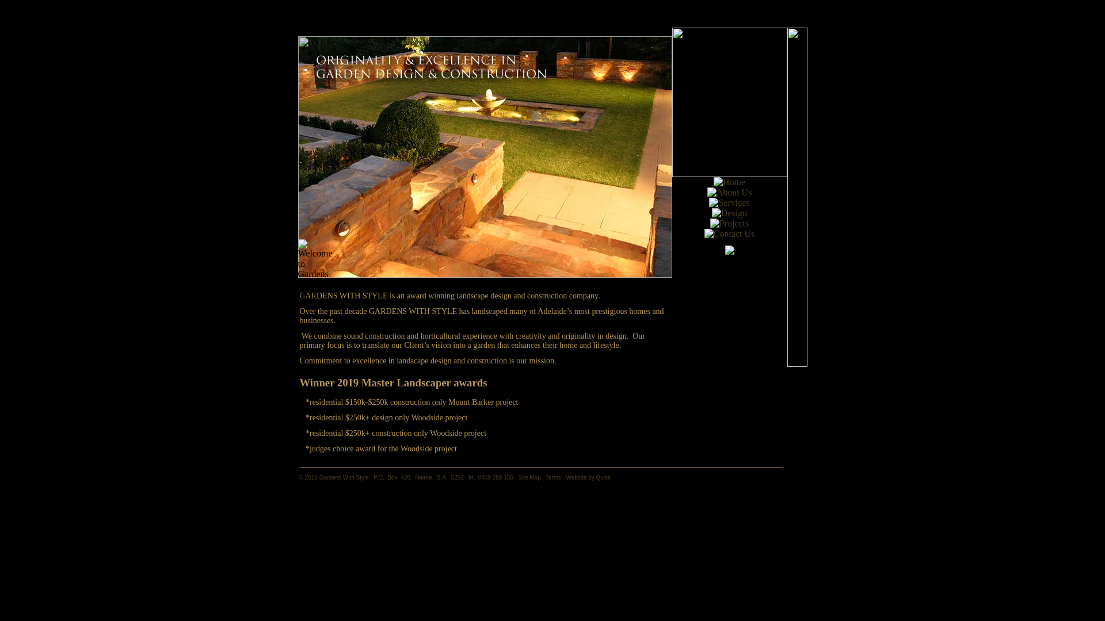 The image size is (1105, 621). I want to click on 'Site Map', so click(517, 477).